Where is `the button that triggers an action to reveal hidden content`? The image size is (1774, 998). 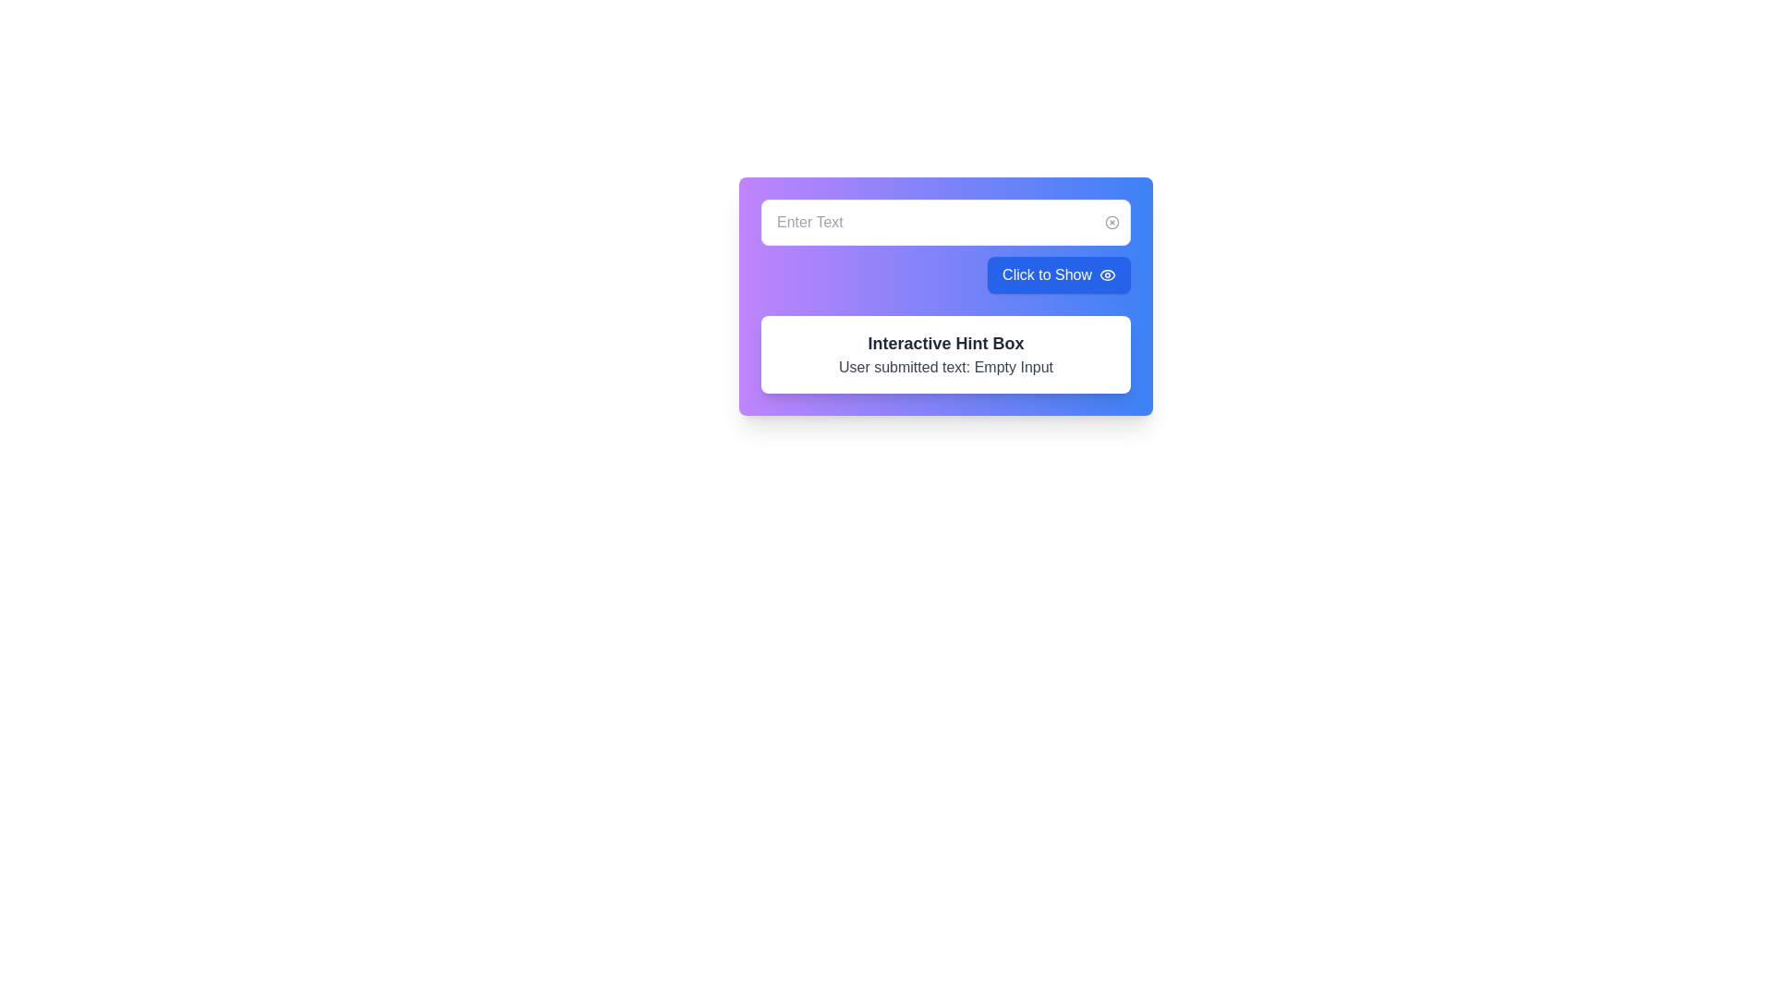
the button that triggers an action to reveal hidden content is located at coordinates (1059, 274).